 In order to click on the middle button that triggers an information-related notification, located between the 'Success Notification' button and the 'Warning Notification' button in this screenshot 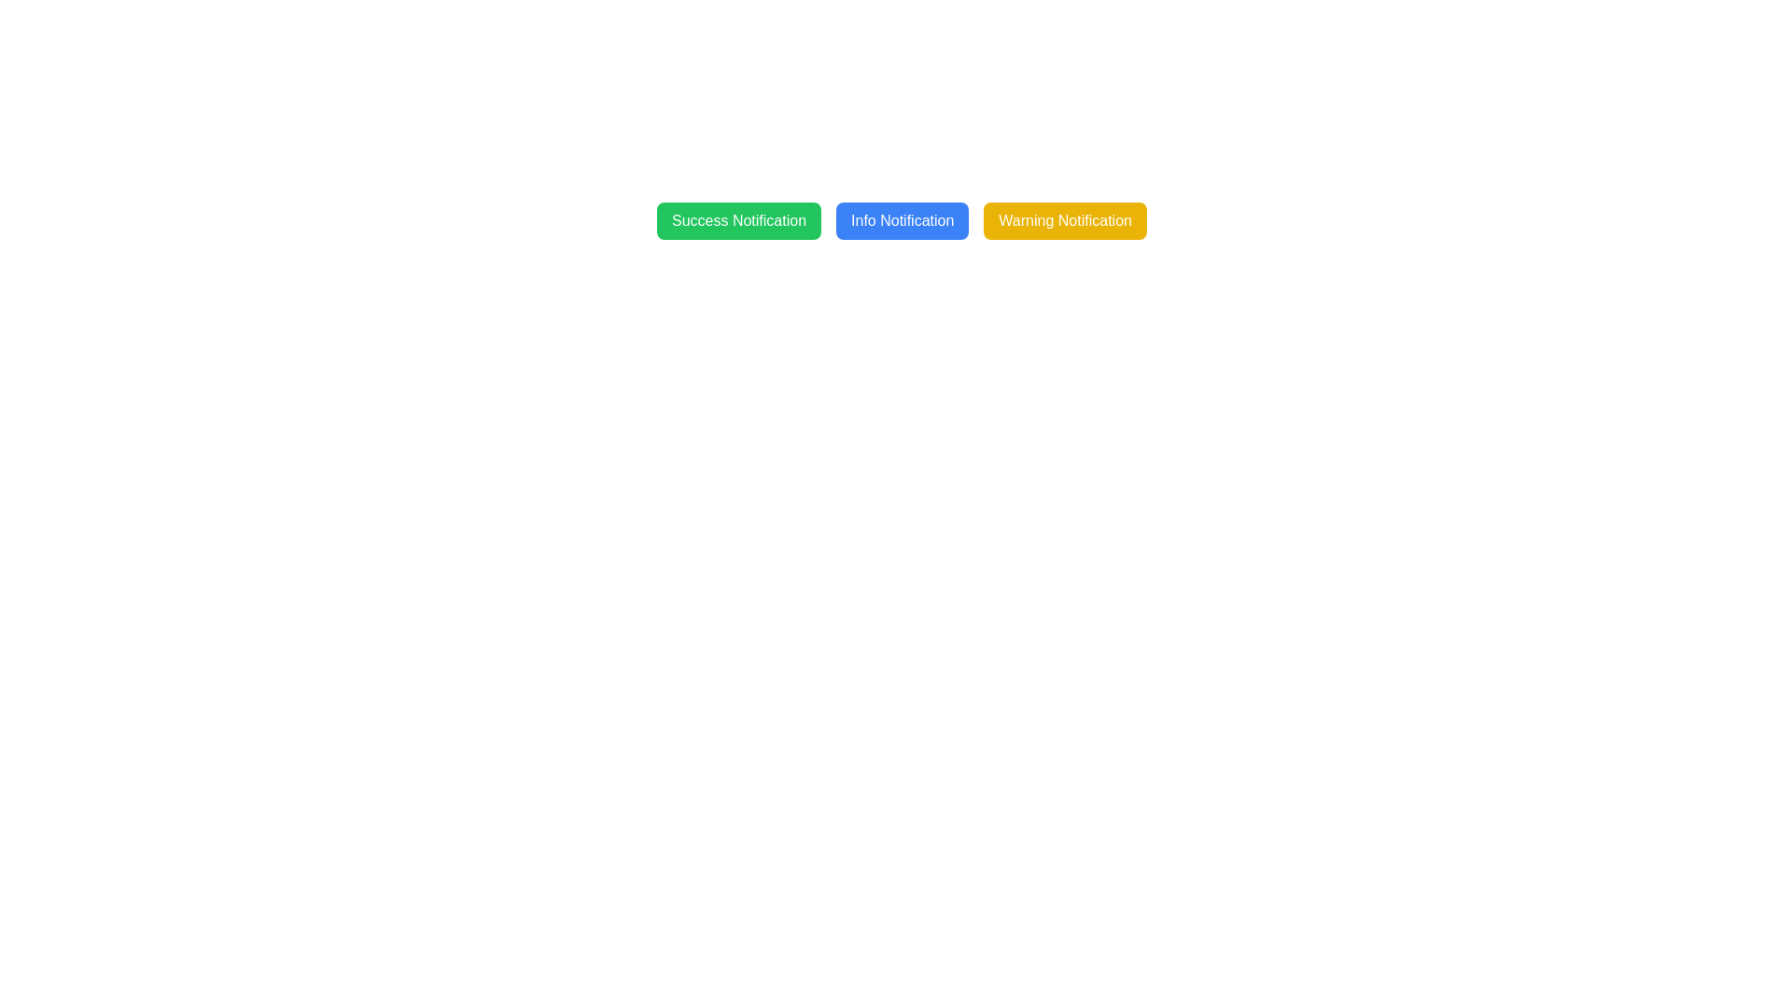, I will do `click(903, 219)`.